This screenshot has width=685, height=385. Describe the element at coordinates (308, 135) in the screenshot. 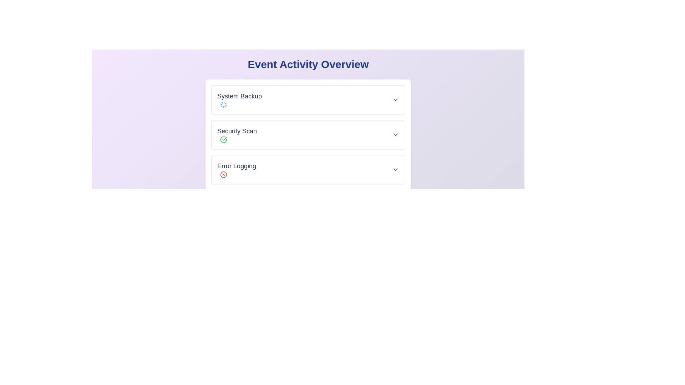

I see `information displayed in the second section of the informational area related to the 'Security Scan' feature, which is located between the 'System Backup' and 'Error Logging' sections` at that location.